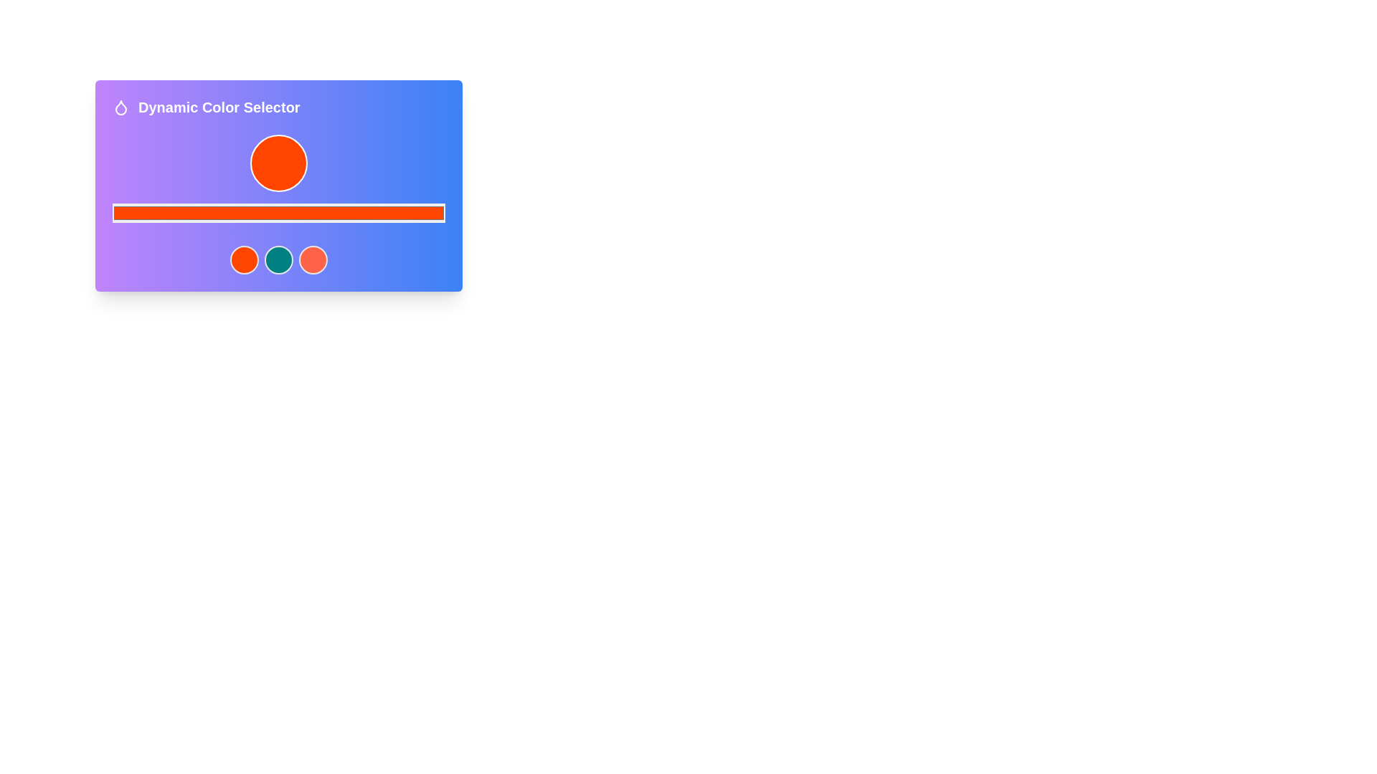 Image resolution: width=1377 pixels, height=774 pixels. Describe the element at coordinates (278, 162) in the screenshot. I see `the vibrant orange circular decorative visual with a white outline, centrally placed above a rectangular bar and three smaller circular buttons` at that location.